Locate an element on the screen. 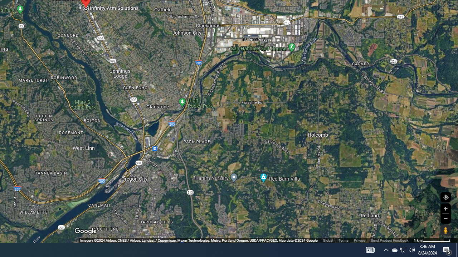 Image resolution: width=458 pixels, height=257 pixels. 'Show Your Location' is located at coordinates (445, 197).